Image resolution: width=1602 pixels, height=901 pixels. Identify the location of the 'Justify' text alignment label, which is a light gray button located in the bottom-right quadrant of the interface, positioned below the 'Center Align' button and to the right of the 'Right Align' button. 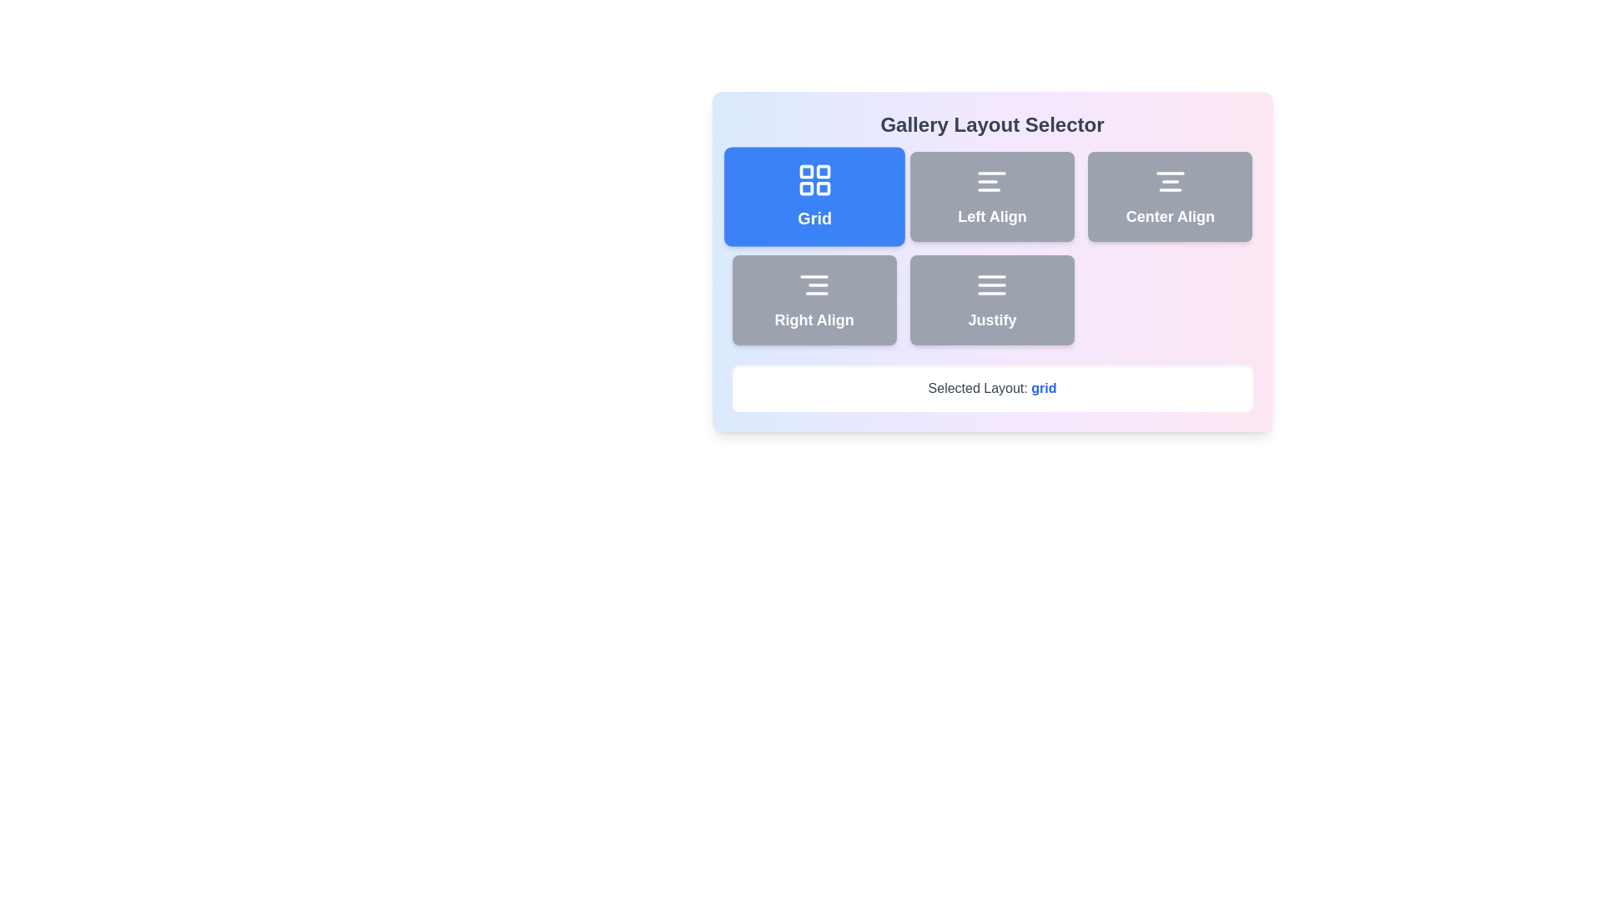
(992, 320).